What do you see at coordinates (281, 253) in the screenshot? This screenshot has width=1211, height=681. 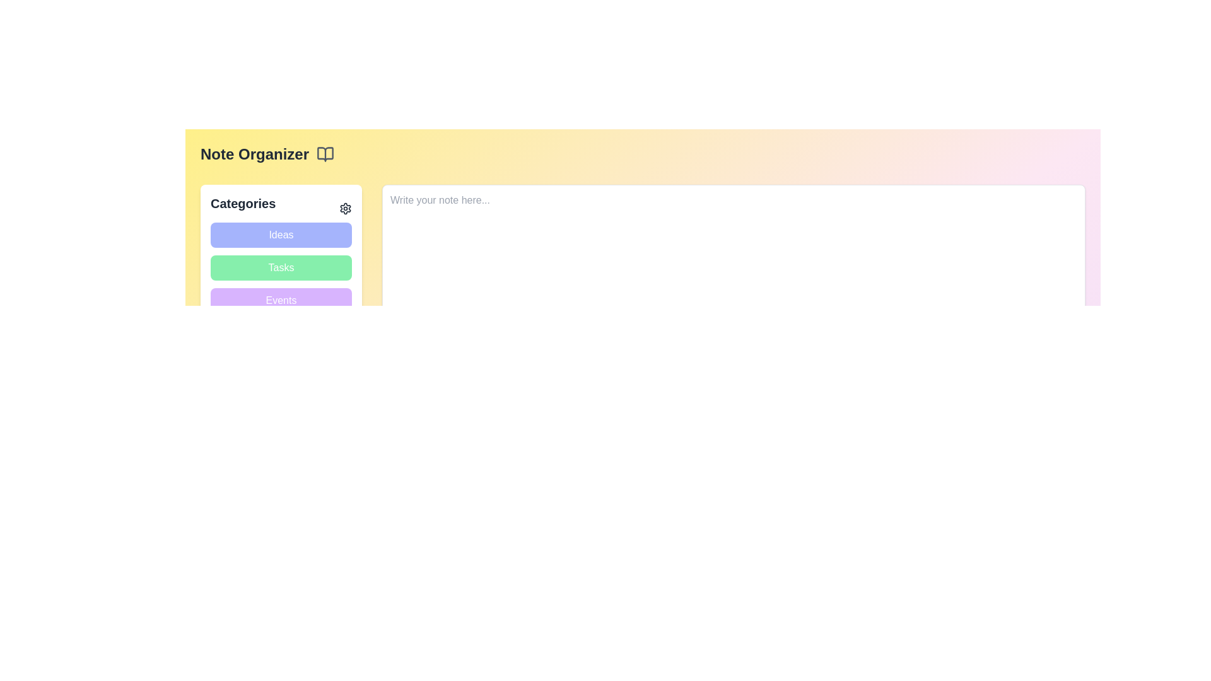 I see `the 'Tasks' button located in the 'Categories' panel, which is situated below the 'Ideas' button and above the 'Events' button` at bounding box center [281, 253].